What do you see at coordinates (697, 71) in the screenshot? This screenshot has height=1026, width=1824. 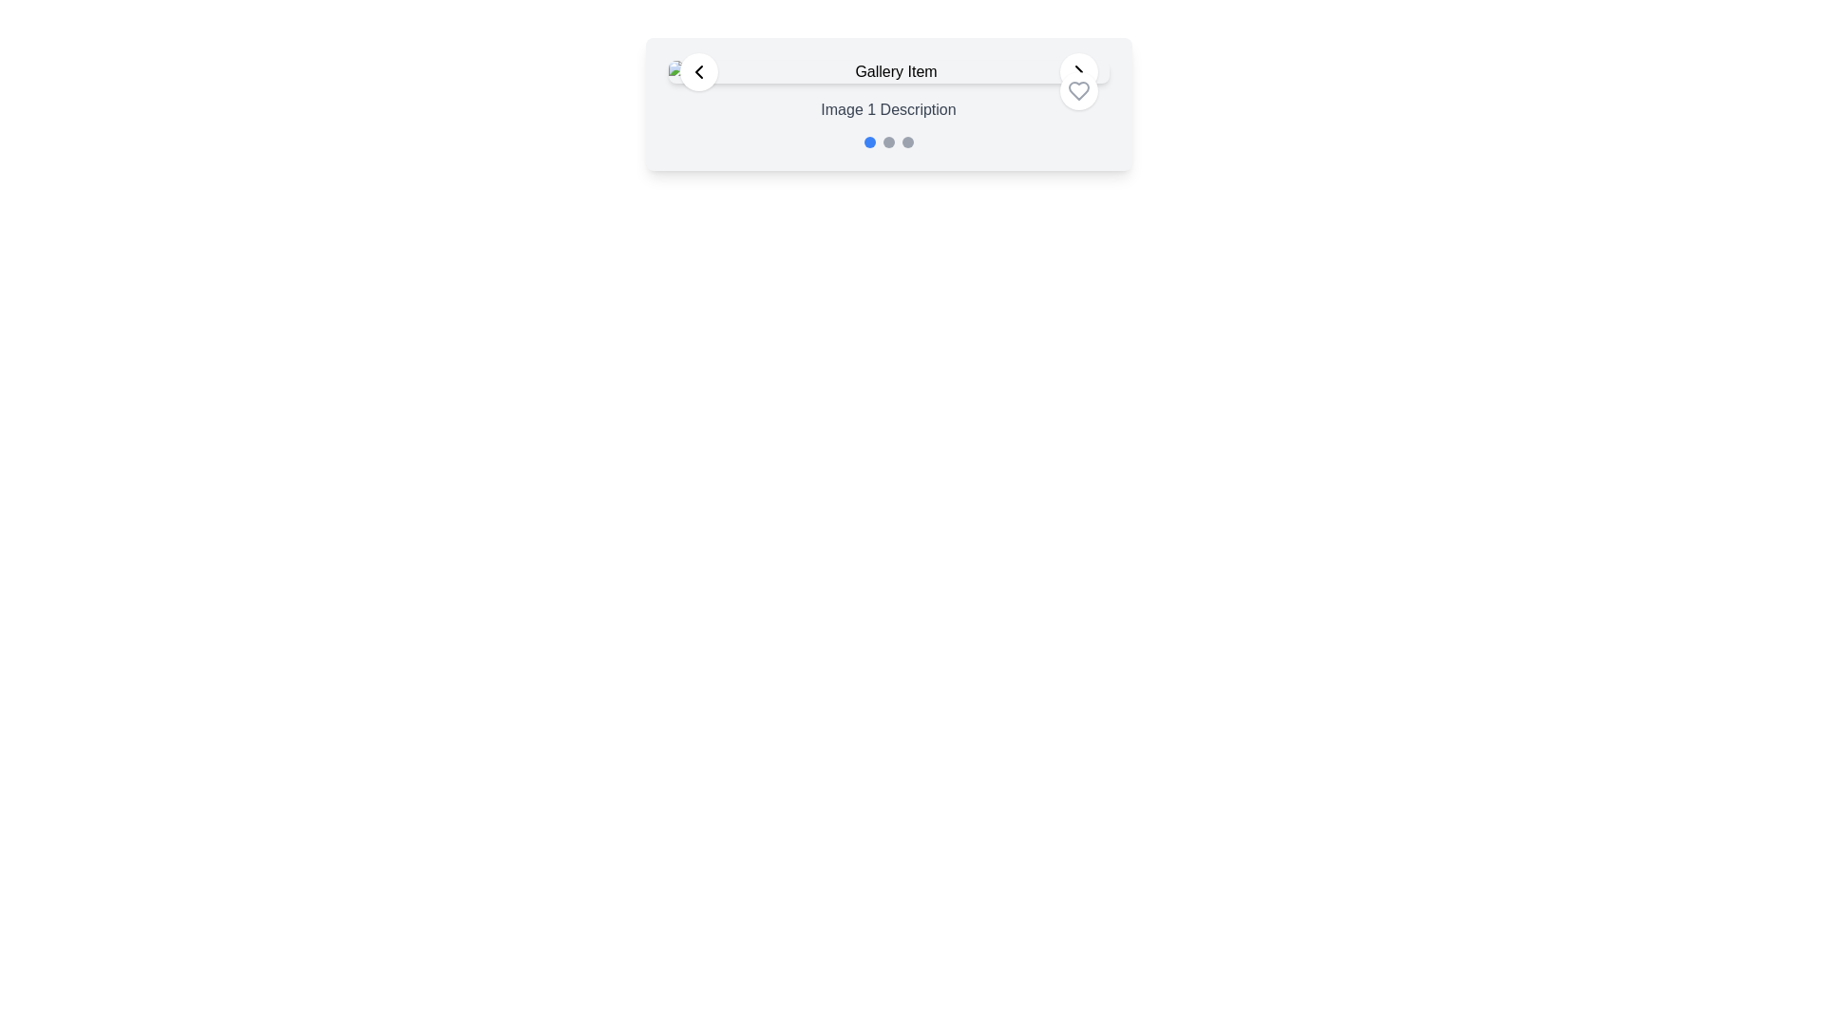 I see `the Icon button located in the left section of a horizontal panel, which is used for navigating to the previous item in a gallery or carousel` at bounding box center [697, 71].